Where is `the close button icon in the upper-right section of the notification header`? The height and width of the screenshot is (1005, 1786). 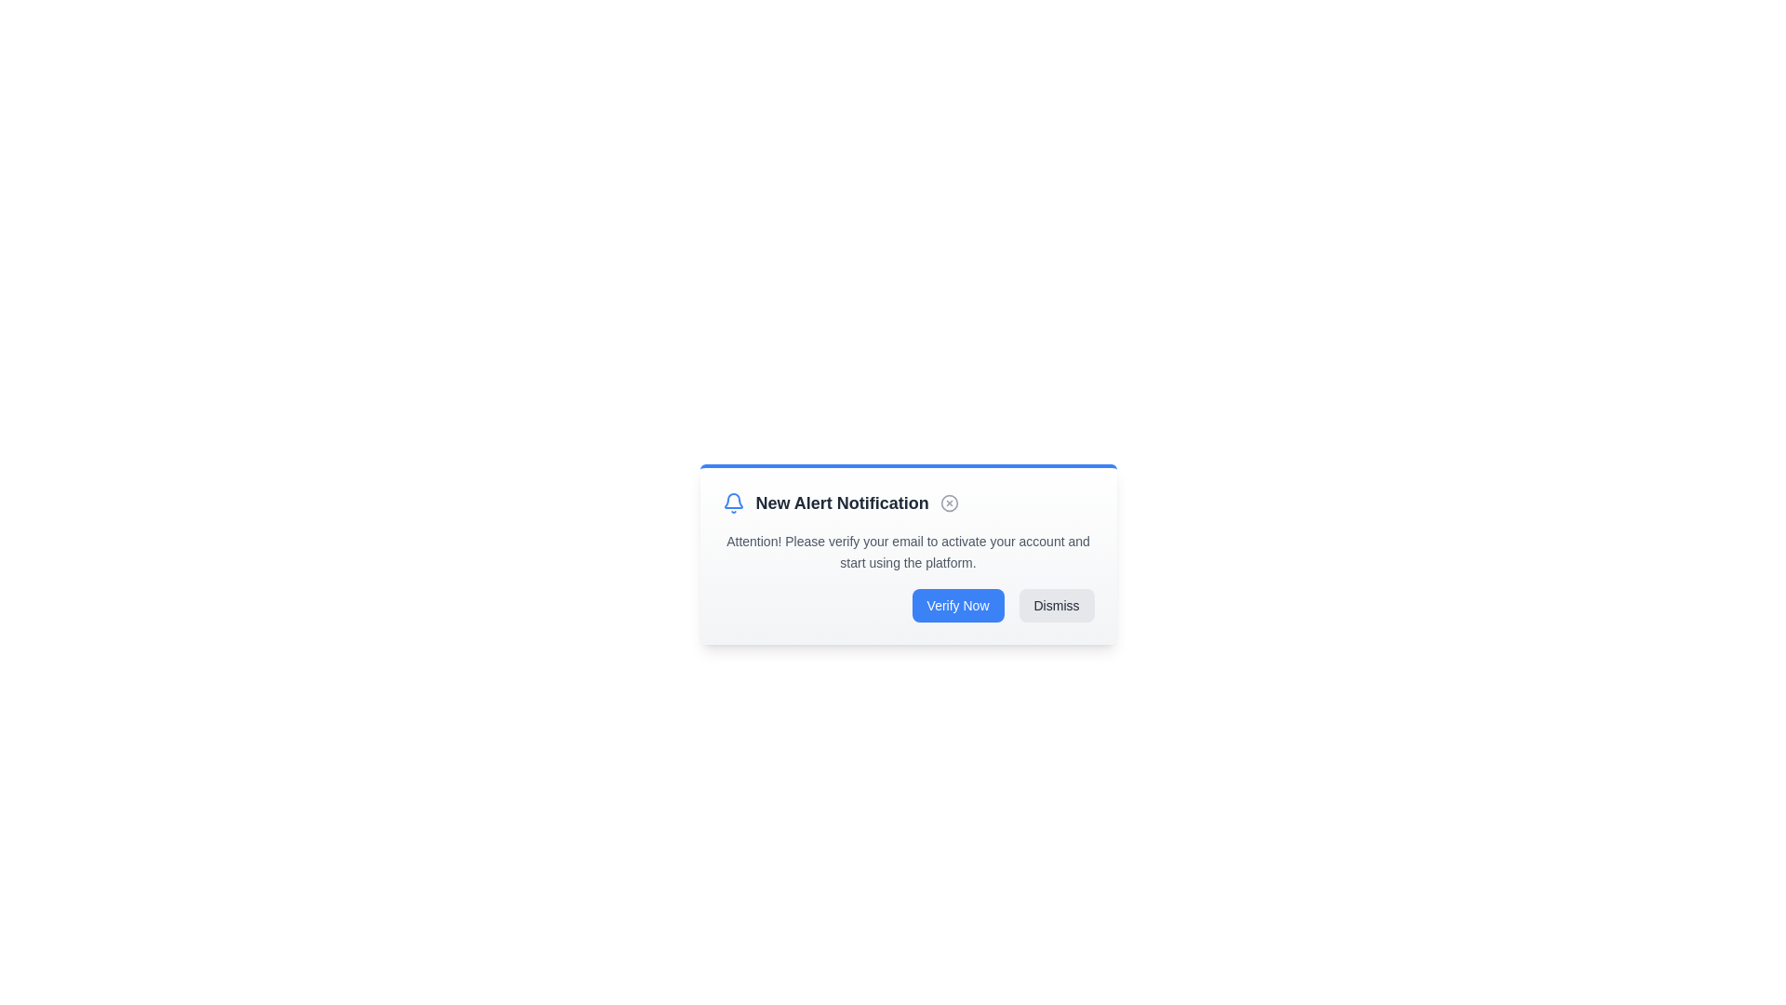
the close button icon in the upper-right section of the notification header is located at coordinates (949, 502).